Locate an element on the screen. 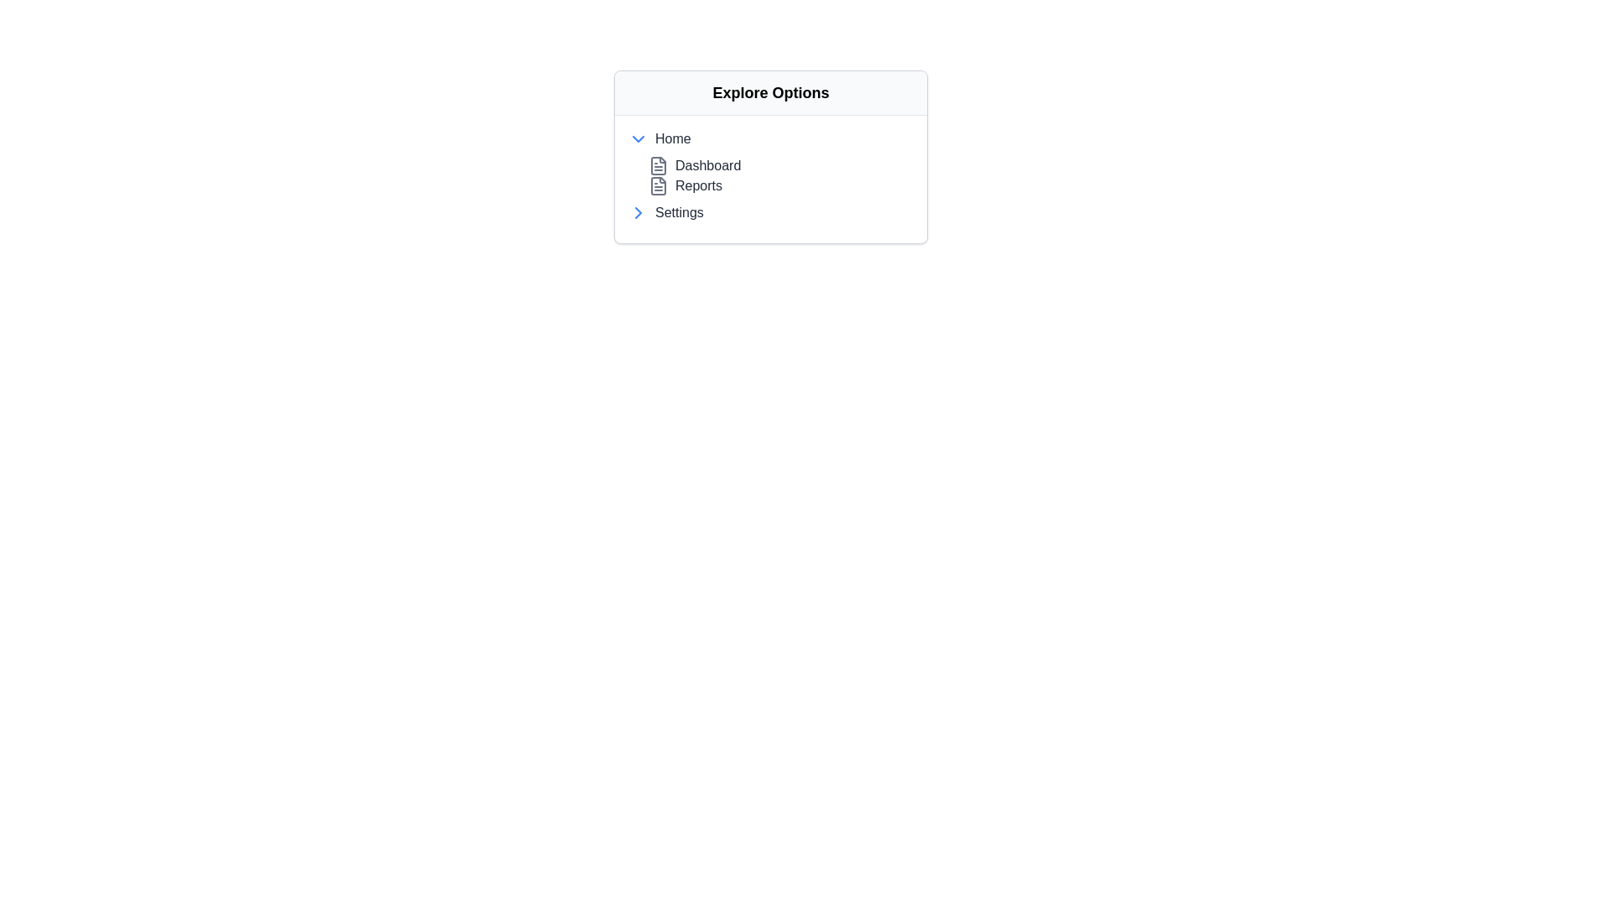 This screenshot has height=906, width=1611. the 'Dashboard' text label, which is styled with a gray font and is positioned between the 'Home' and 'Reports' labels in the menu is located at coordinates (708, 165).